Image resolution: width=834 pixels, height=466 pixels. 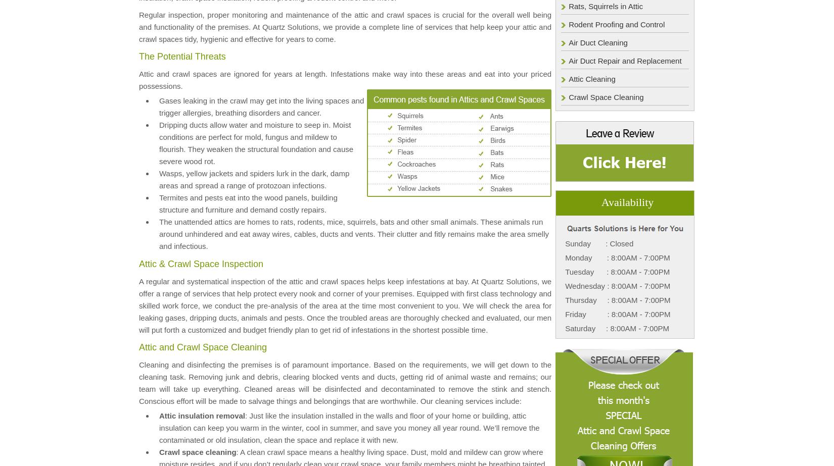 What do you see at coordinates (256, 142) in the screenshot?
I see `'Dripping ducts allow water and moisture to seep in. Moist conditions are perfect for mold, fungus and mildew to flourish. They weaken the structural foundation and cause severe wood rot.'` at bounding box center [256, 142].